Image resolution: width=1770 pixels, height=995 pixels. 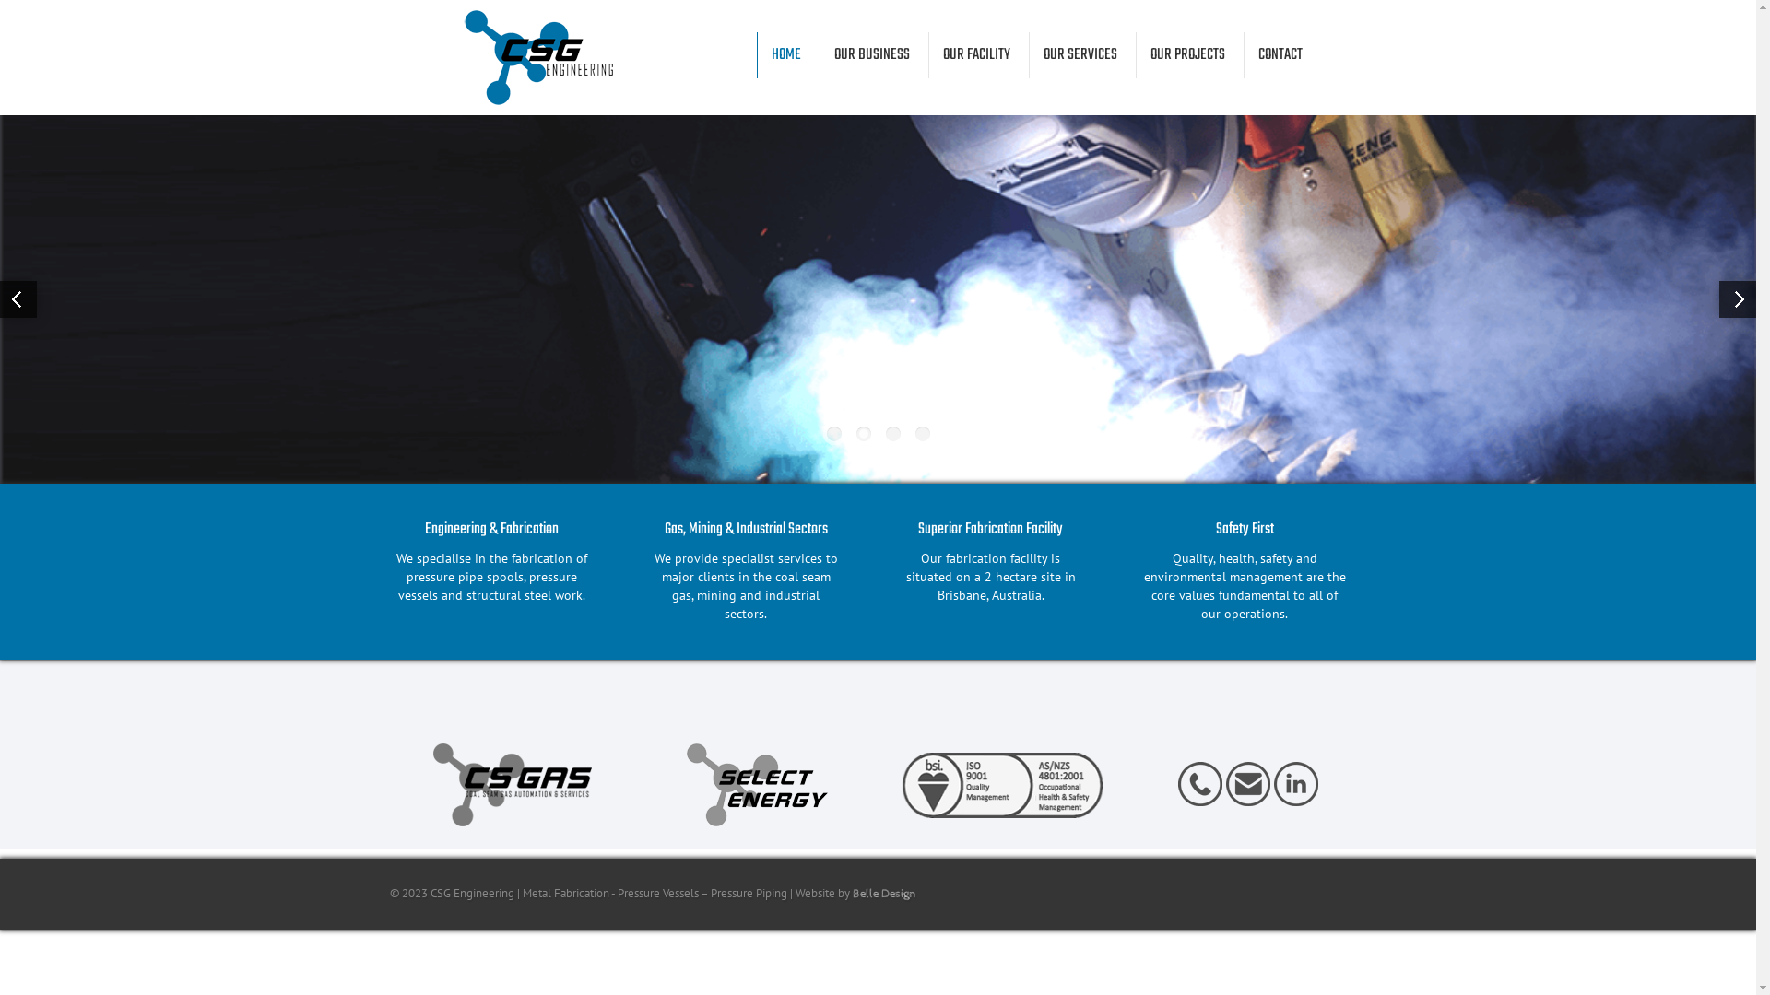 I want to click on 'Next', so click(x=1737, y=298).